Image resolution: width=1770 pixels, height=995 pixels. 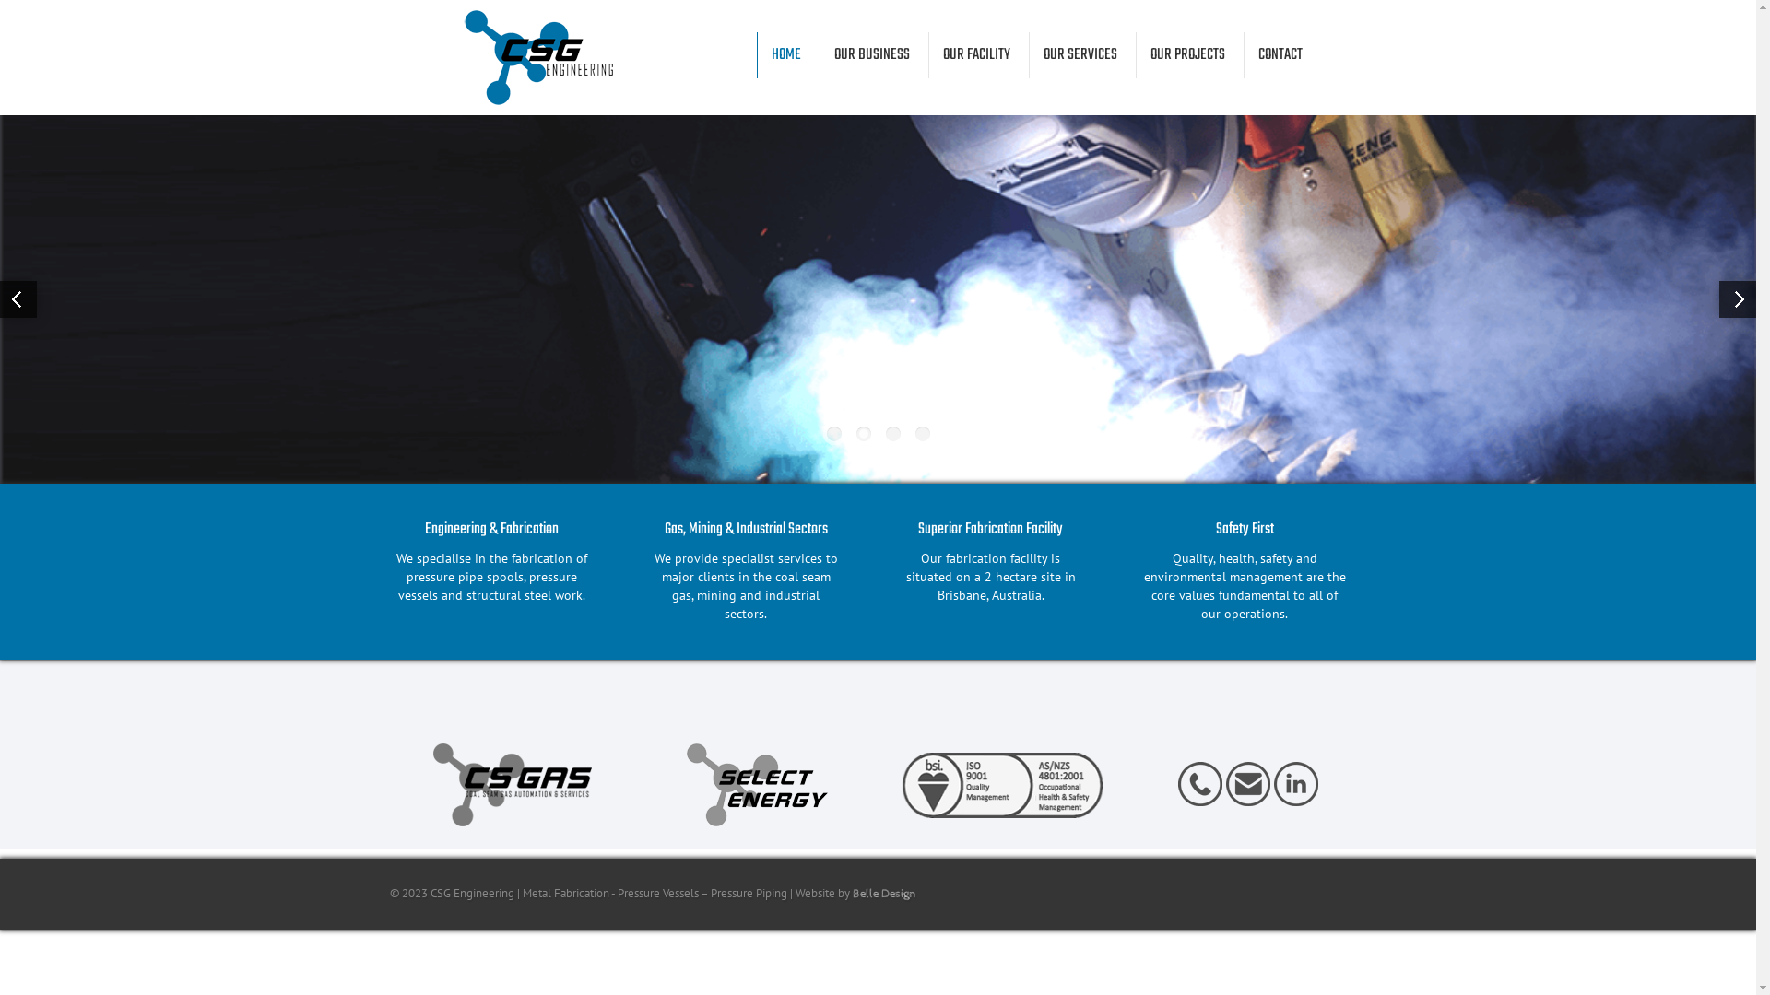 I want to click on 'Next', so click(x=1737, y=298).